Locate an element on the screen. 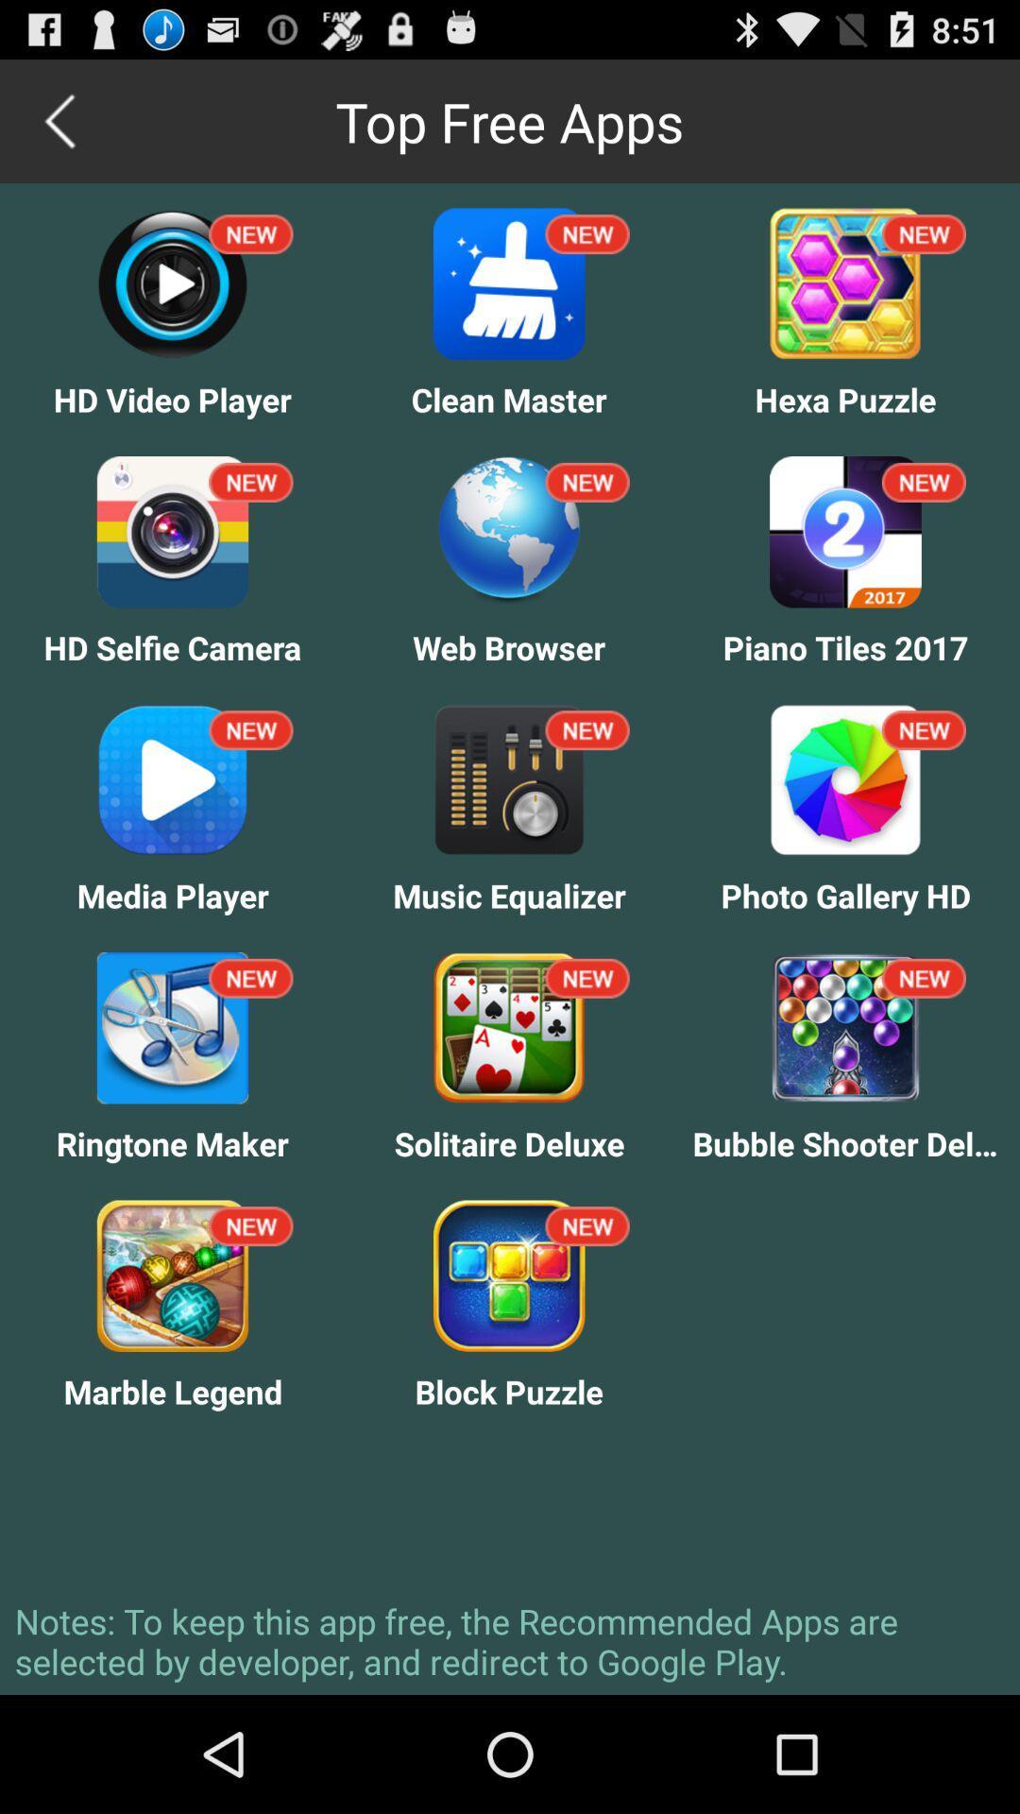  the arrow_backward icon is located at coordinates (60, 128).